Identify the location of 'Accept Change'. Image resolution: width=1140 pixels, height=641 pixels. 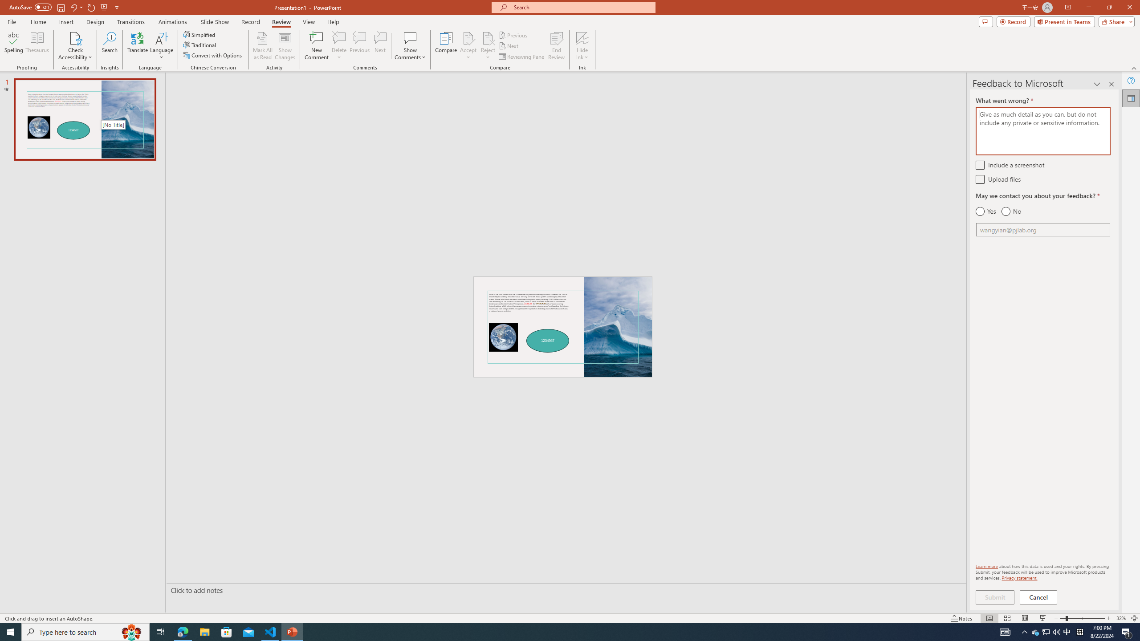
(468, 37).